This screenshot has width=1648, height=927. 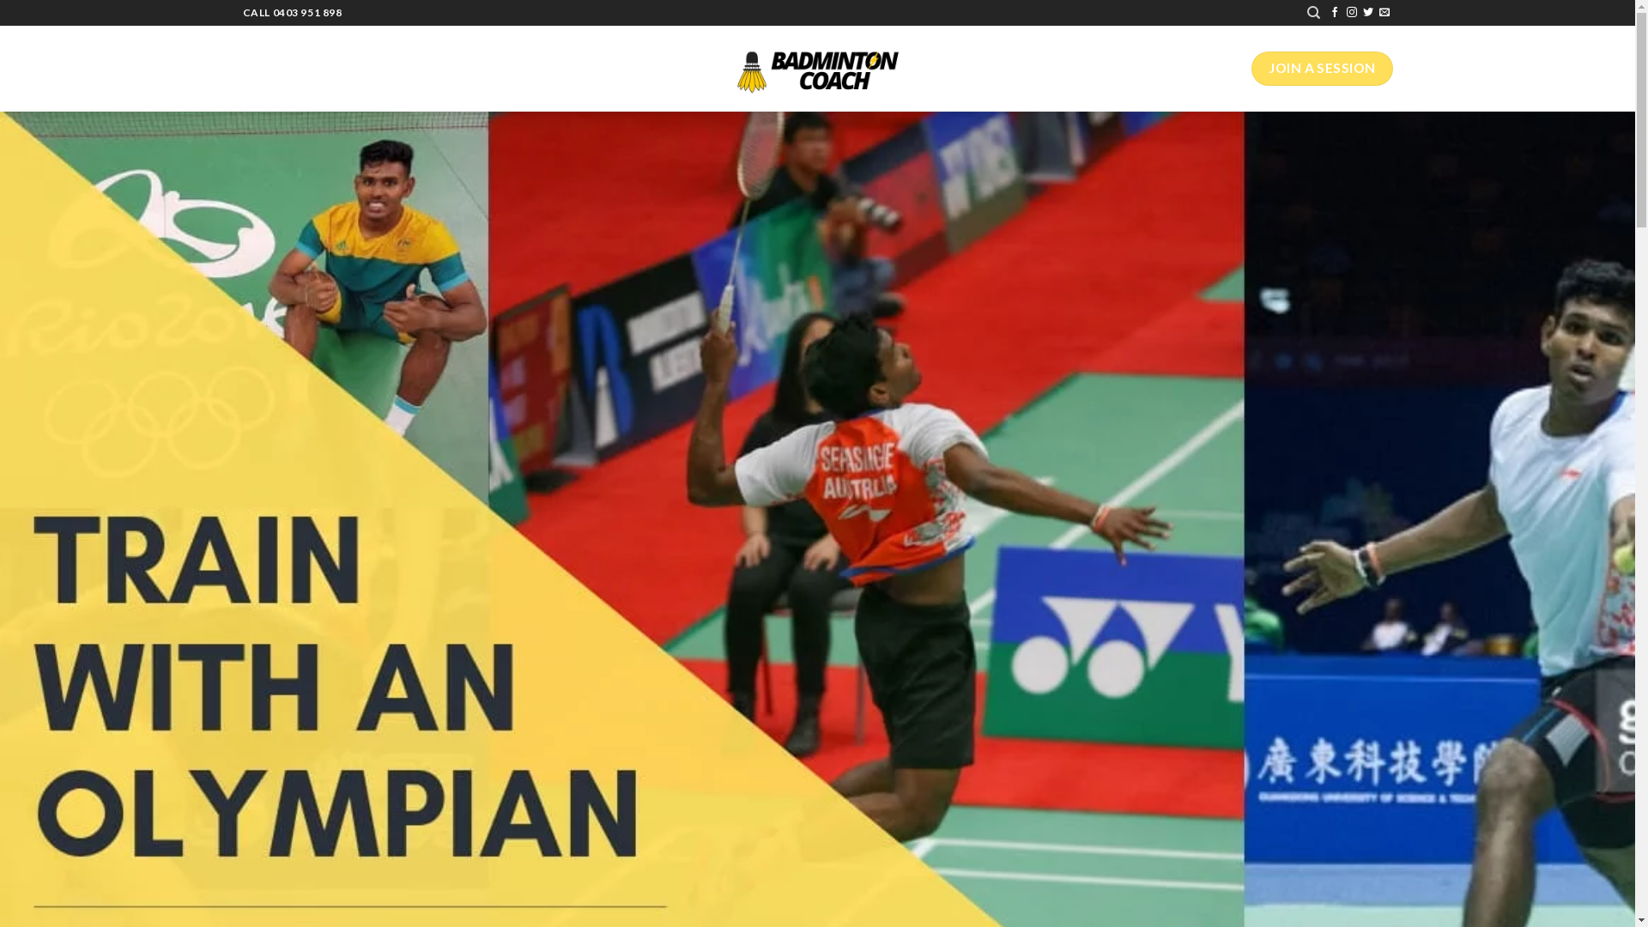 What do you see at coordinates (815, 68) in the screenshot?
I see `'Melbourne Badminton Coach - Personalised Badminton Training'` at bounding box center [815, 68].